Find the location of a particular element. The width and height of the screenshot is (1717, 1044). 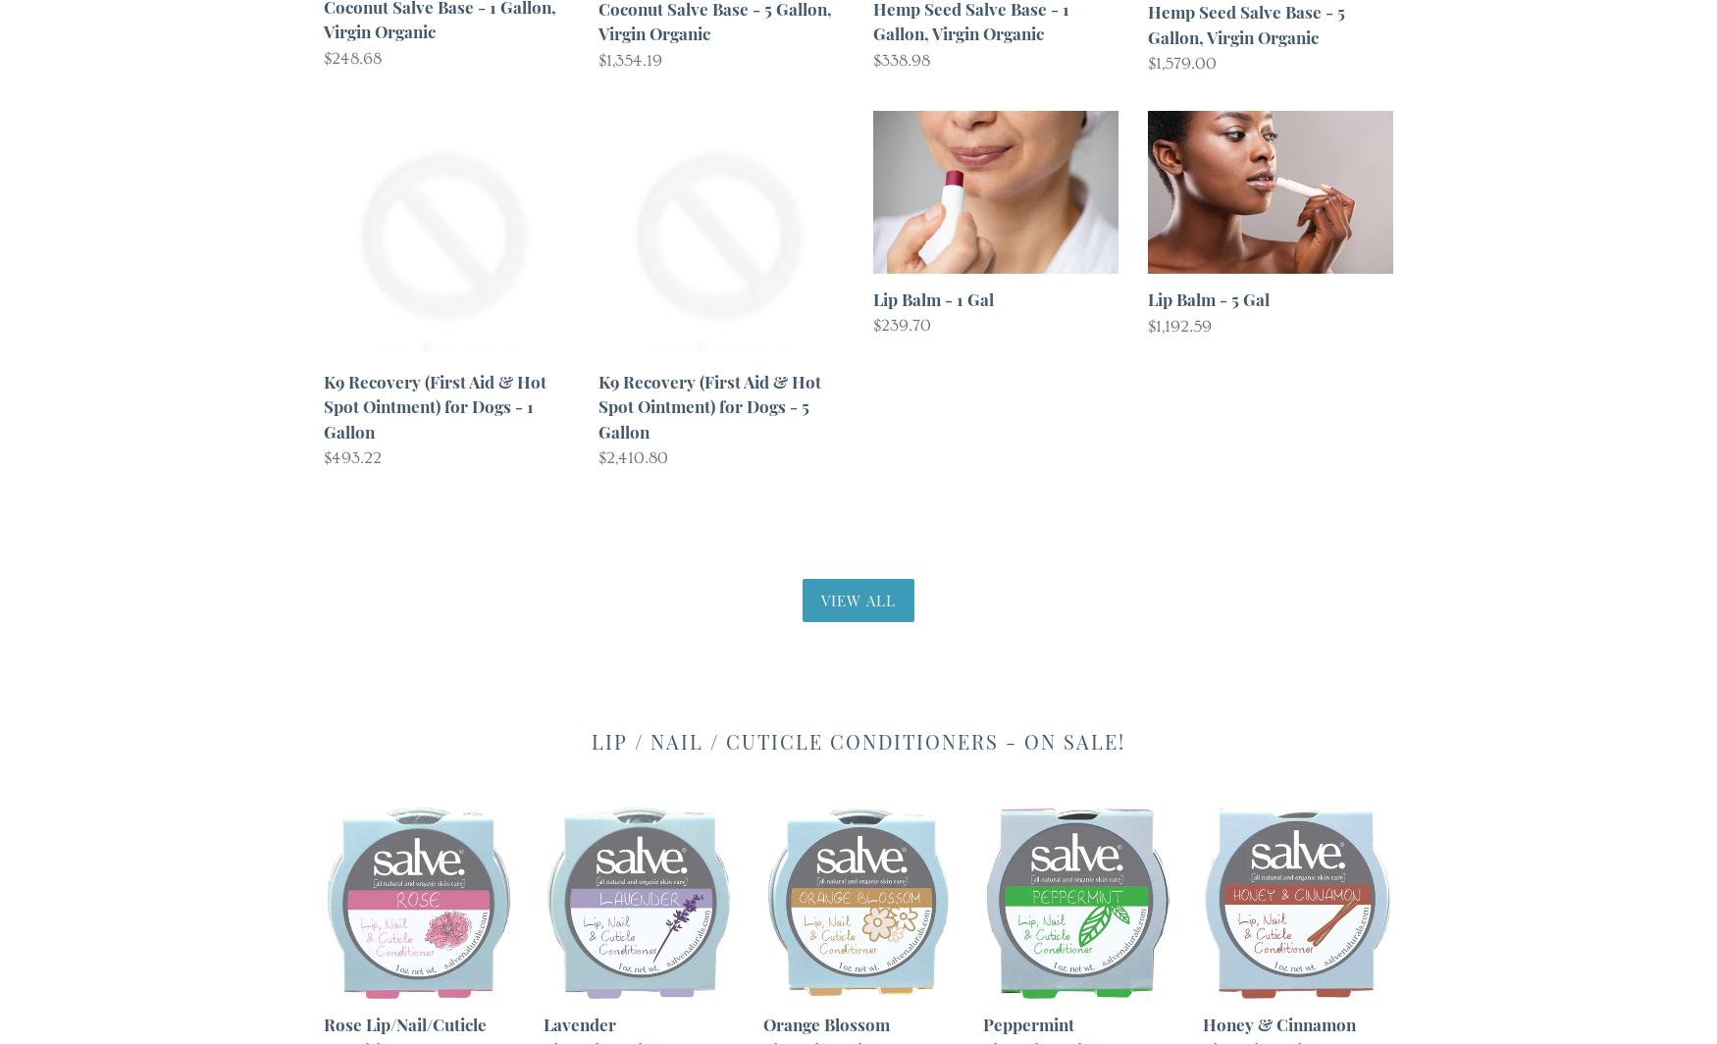

'K9 Recovery (First Aid & Hot Spot Ointment) for Dogs - 5 Gallon' is located at coordinates (709, 405).